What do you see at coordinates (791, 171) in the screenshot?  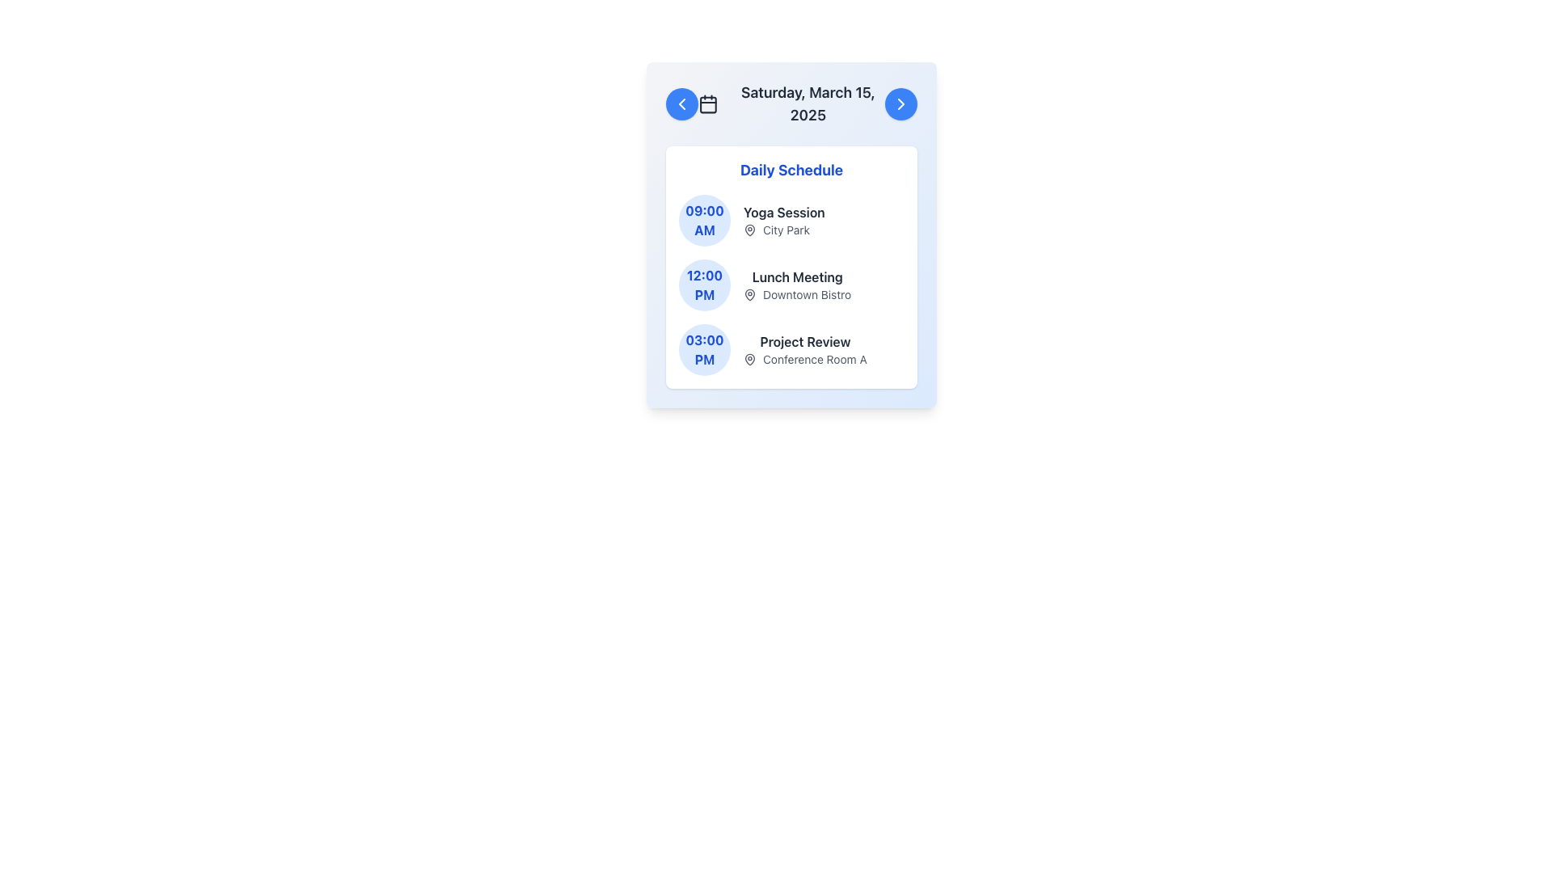 I see `the bold, large blue text header that reads 'Daily Schedule', which is located at the top of the white panel containing schedule details` at bounding box center [791, 171].